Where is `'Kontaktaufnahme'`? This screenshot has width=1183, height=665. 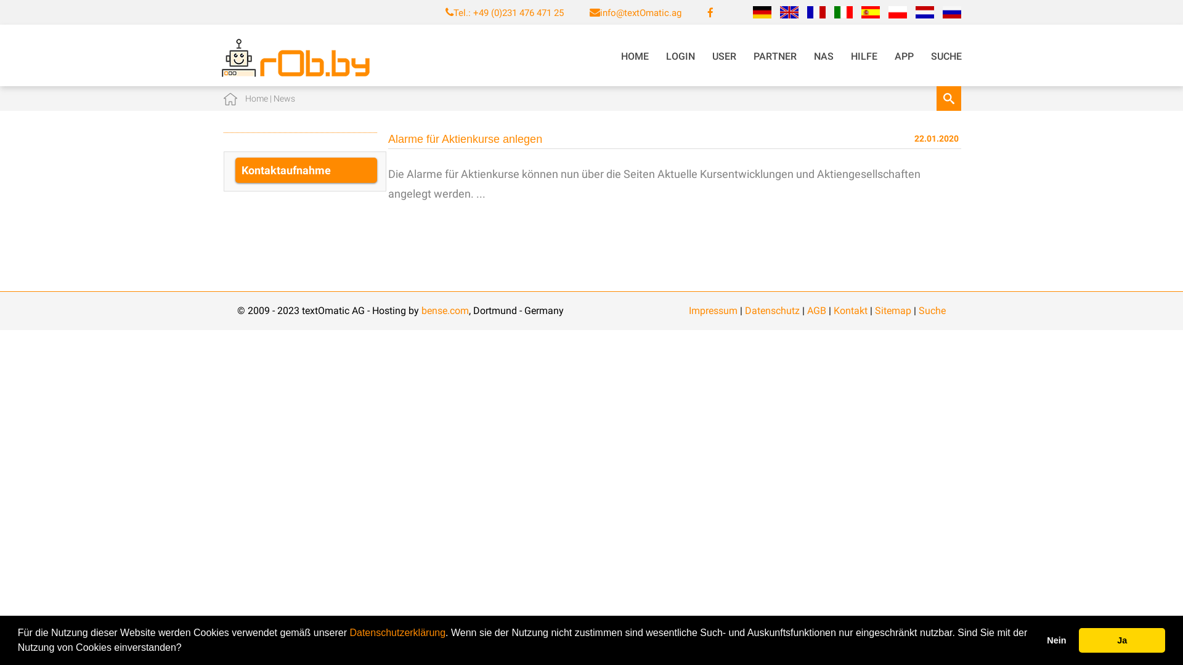 'Kontaktaufnahme' is located at coordinates (306, 170).